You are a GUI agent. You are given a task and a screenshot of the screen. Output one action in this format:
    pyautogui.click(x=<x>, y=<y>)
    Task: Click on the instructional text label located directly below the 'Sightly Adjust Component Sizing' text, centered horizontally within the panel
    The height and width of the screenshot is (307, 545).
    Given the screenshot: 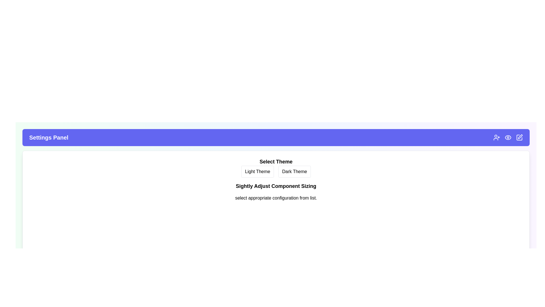 What is the action you would take?
    pyautogui.click(x=276, y=198)
    